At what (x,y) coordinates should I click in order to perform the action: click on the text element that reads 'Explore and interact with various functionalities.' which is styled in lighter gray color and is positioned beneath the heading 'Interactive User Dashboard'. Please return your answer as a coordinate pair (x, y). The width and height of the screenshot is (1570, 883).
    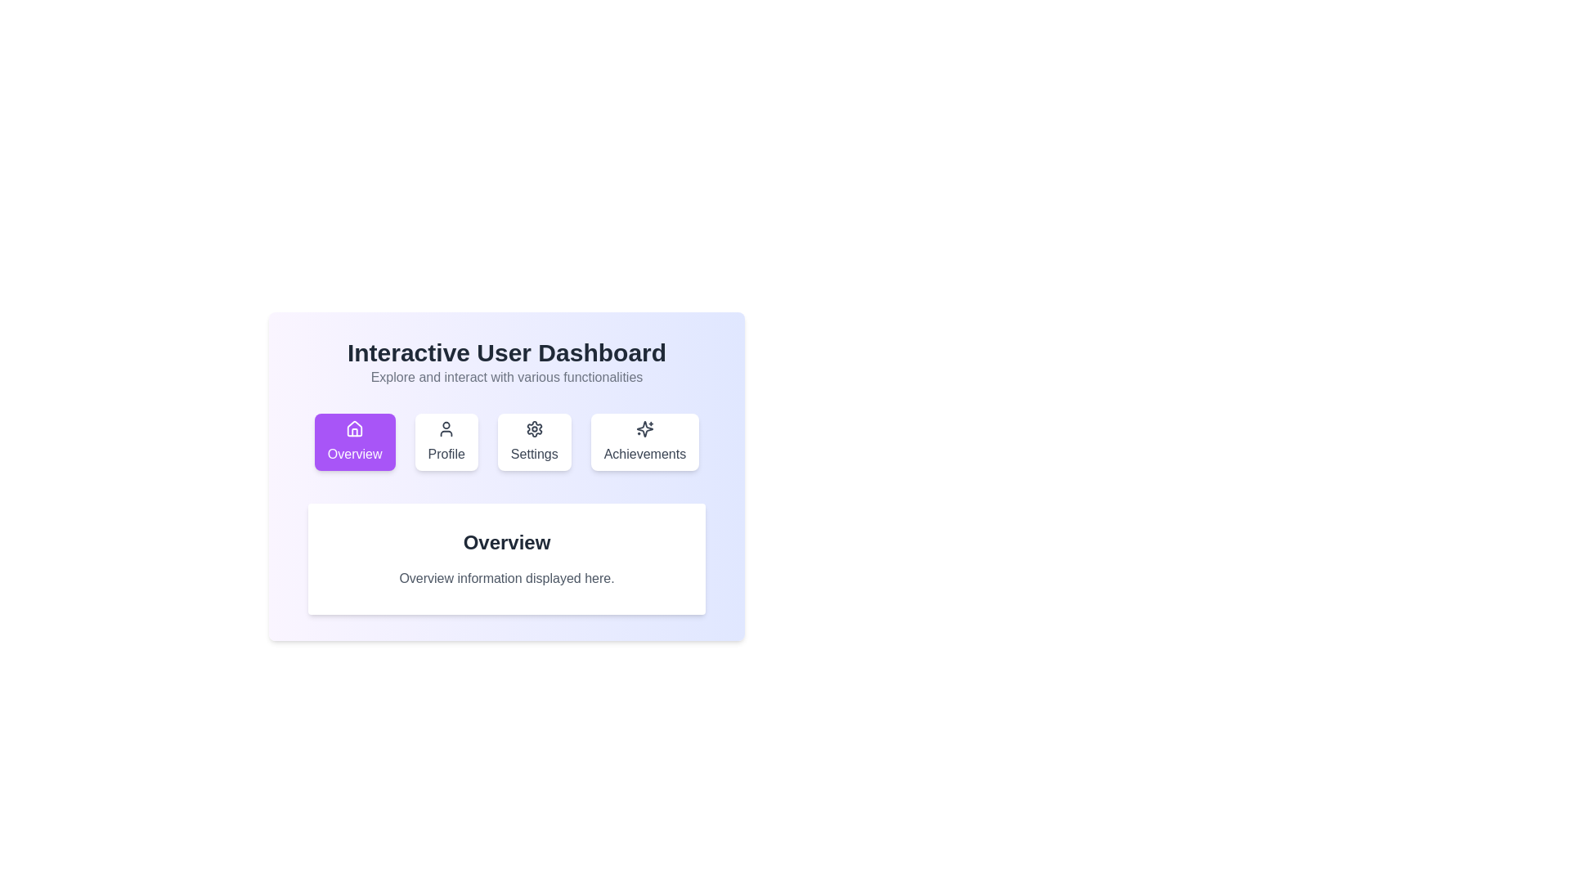
    Looking at the image, I should click on (505, 378).